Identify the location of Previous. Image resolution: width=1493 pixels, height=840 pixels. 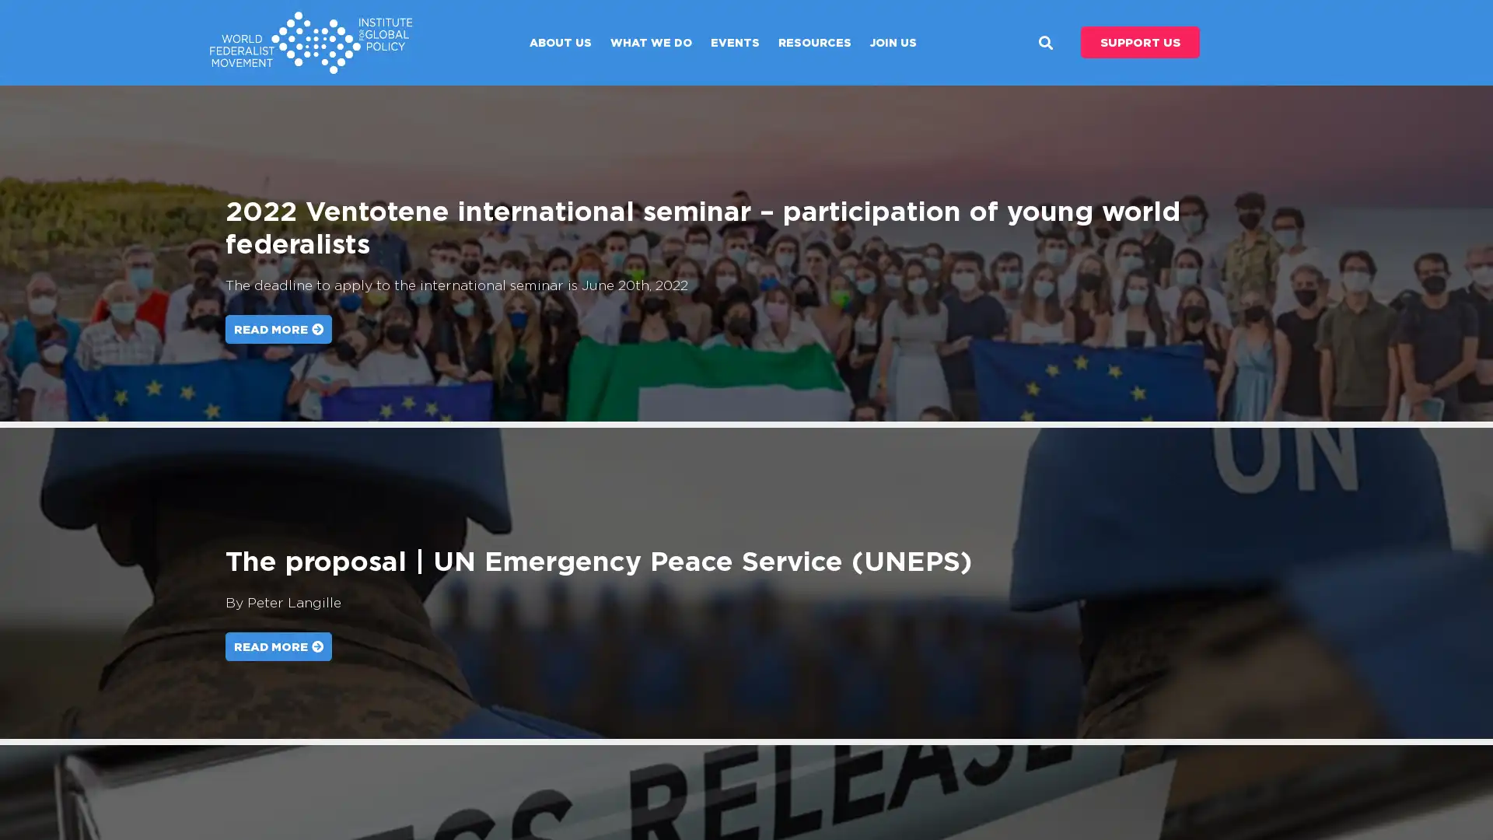
(40, 254).